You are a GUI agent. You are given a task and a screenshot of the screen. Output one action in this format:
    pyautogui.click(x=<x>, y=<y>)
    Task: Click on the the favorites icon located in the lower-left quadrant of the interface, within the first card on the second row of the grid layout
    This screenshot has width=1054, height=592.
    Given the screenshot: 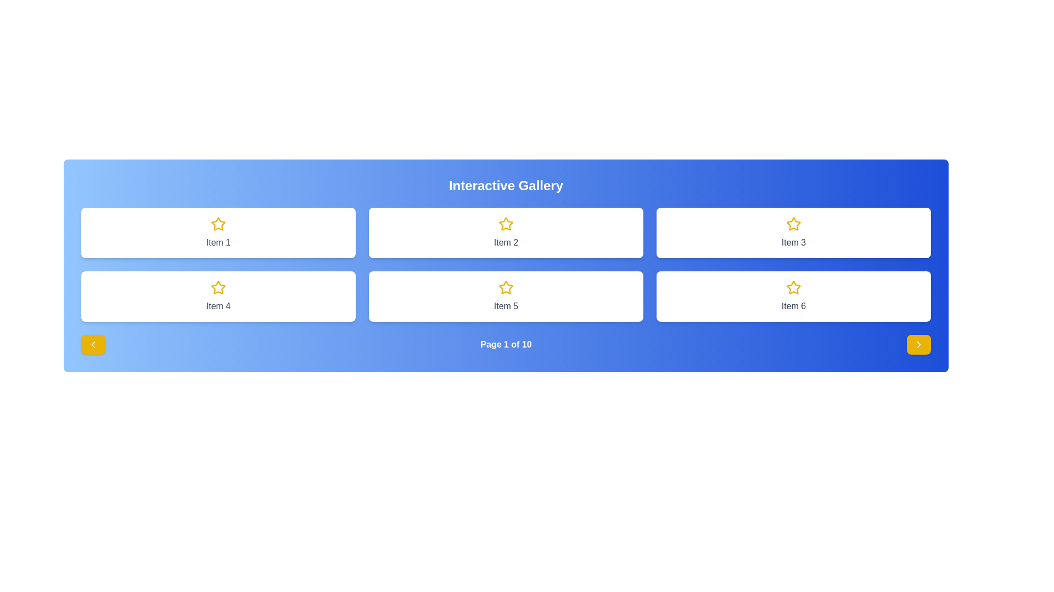 What is the action you would take?
    pyautogui.click(x=218, y=287)
    